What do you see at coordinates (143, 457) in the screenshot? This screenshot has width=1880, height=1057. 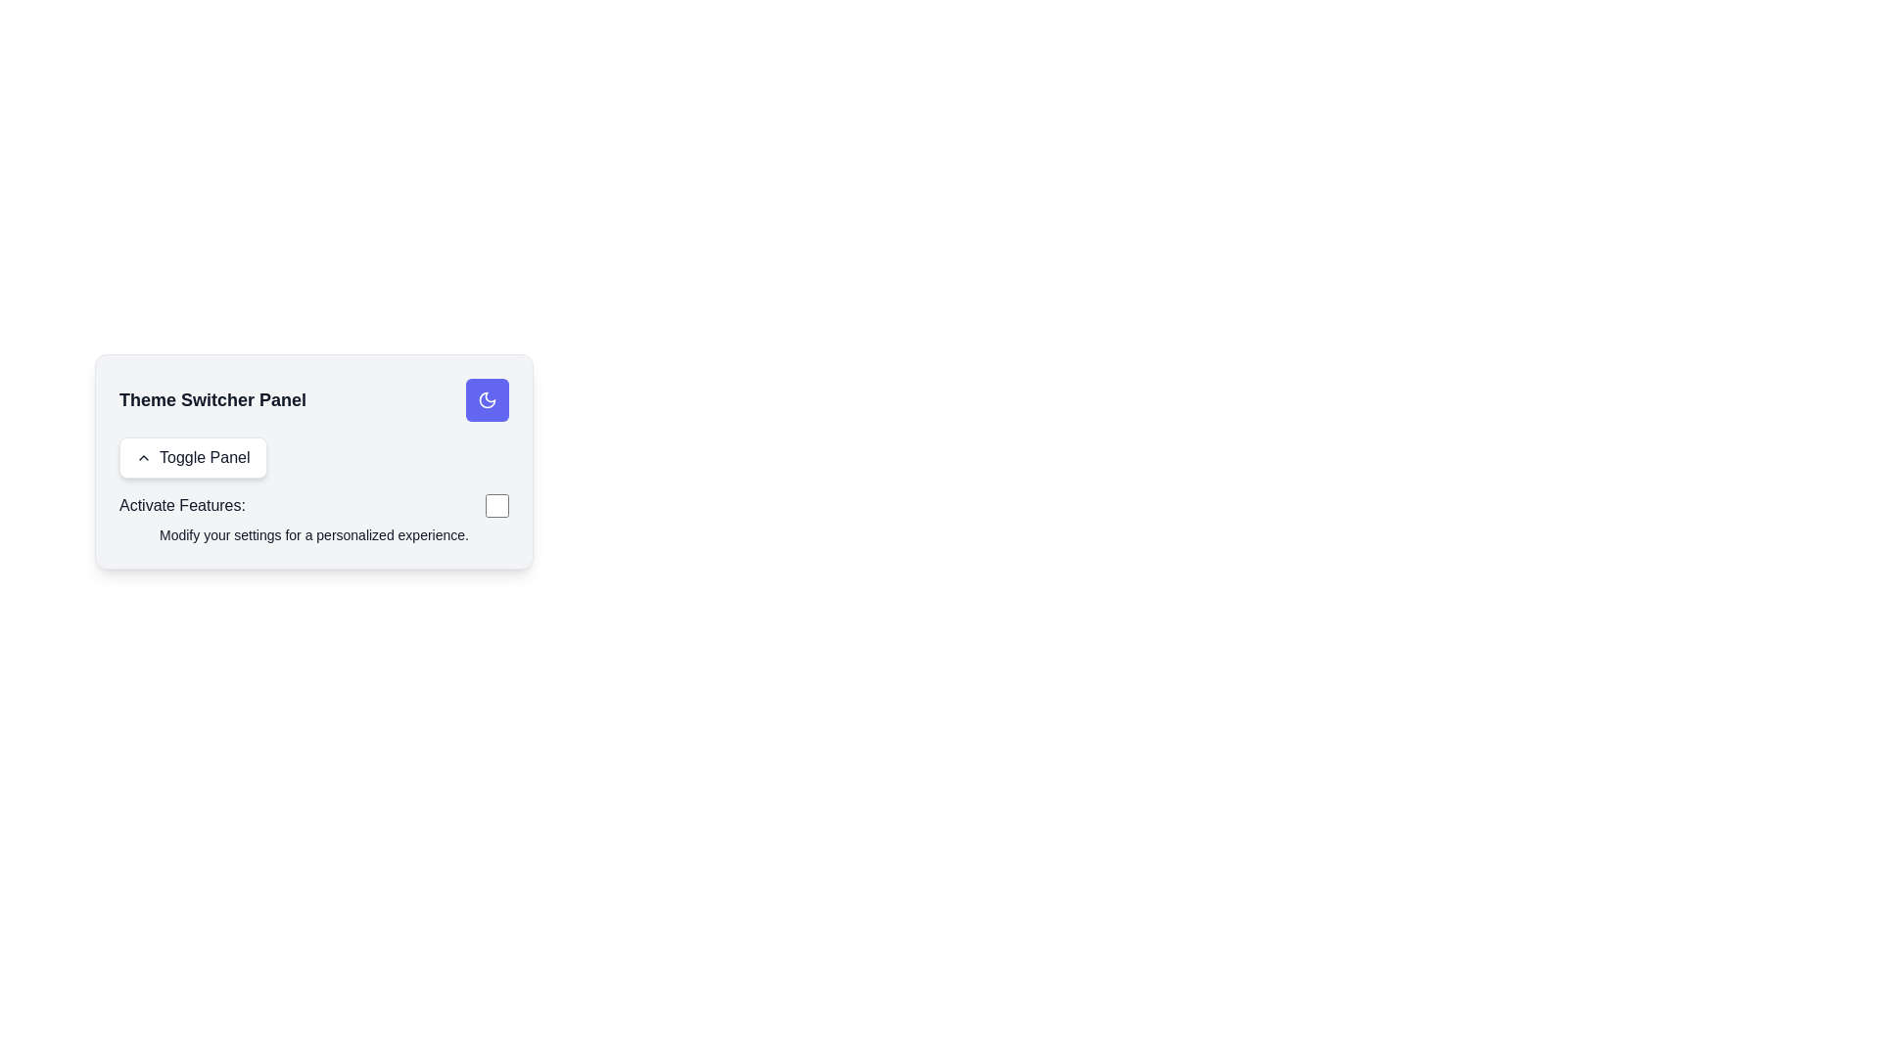 I see `the upward-pointing chevron icon within the 'Toggle Panel' button located in the 'Theme Switcher Panel'` at bounding box center [143, 457].